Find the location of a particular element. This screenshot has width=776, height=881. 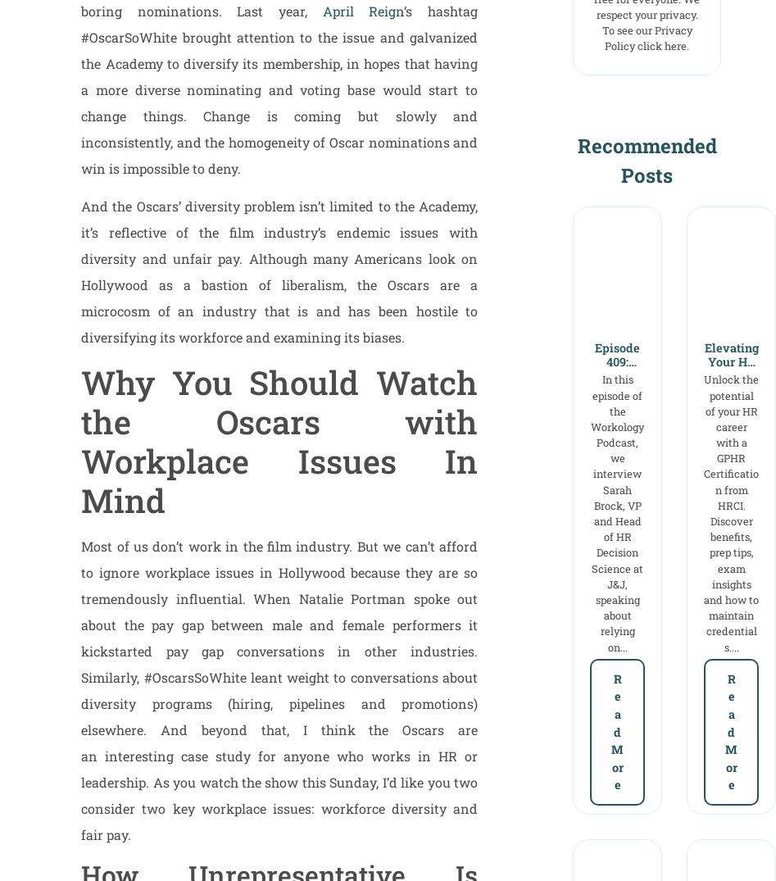

'Most of us don’t work in the film industry. But we can’t afford to ignore workplace issues in Hollywood because they are so tremendously influential. When Natalie Portman spoke out about the pay gap between male and female performers it kickstarted pay gap conversations in other industries. Similarly, #OscarsSoWhite leant weight to conversations about diversity programs (hiring, pipelines and promotions) elsewhere. And beyond that, I think the Oscars are an interesting case study for anyone who works in HR or leadership. As you watch the show this Sunday, I’d like you two consider two key workplace issues: workforce diversity and fair pay.' is located at coordinates (279, 689).